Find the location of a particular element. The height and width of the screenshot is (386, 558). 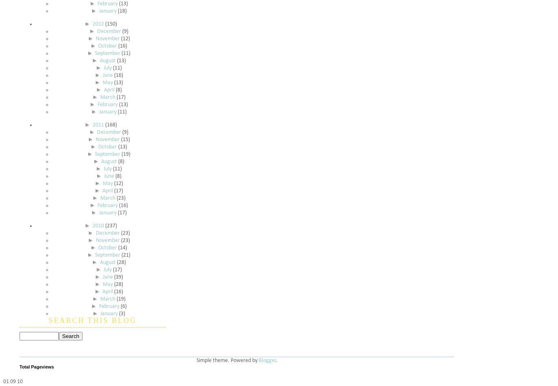

'2012' is located at coordinates (91, 24).